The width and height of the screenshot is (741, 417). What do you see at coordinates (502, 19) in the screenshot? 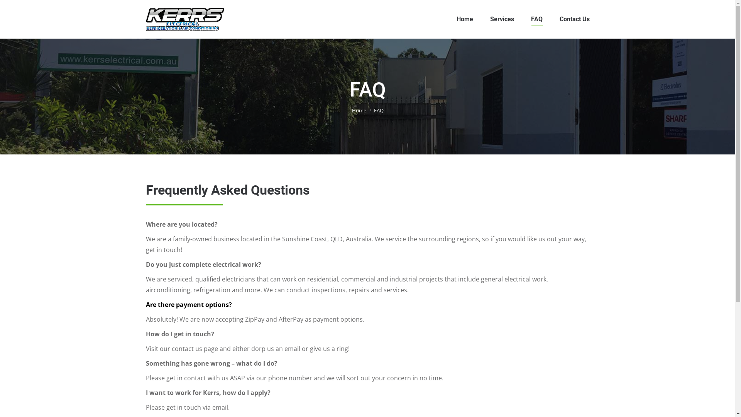
I see `'Services'` at bounding box center [502, 19].